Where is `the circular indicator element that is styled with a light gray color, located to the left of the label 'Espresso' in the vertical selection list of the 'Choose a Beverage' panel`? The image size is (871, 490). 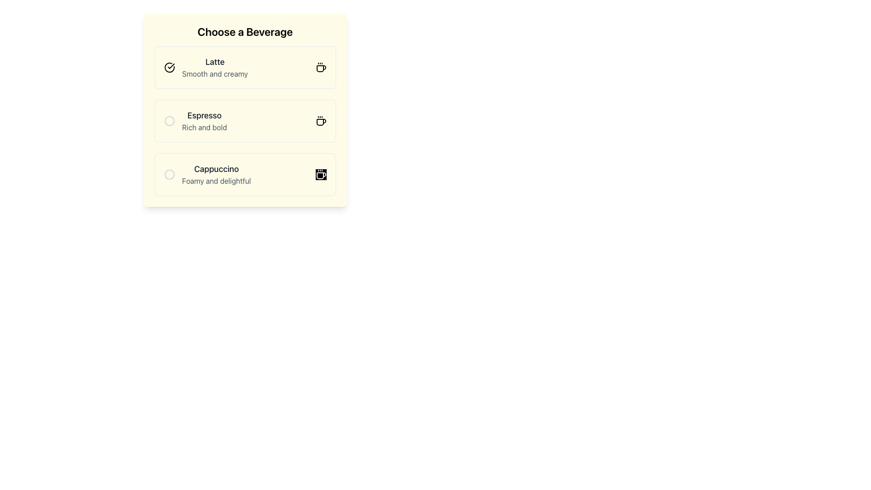 the circular indicator element that is styled with a light gray color, located to the left of the label 'Espresso' in the vertical selection list of the 'Choose a Beverage' panel is located at coordinates (169, 120).